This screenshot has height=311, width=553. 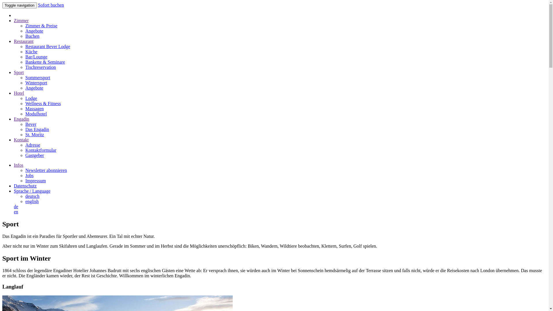 I want to click on 'Datenschutz', so click(x=25, y=186).